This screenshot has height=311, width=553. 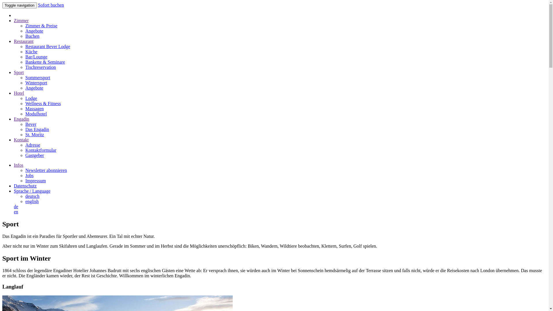 I want to click on 'Datenschutz', so click(x=25, y=186).